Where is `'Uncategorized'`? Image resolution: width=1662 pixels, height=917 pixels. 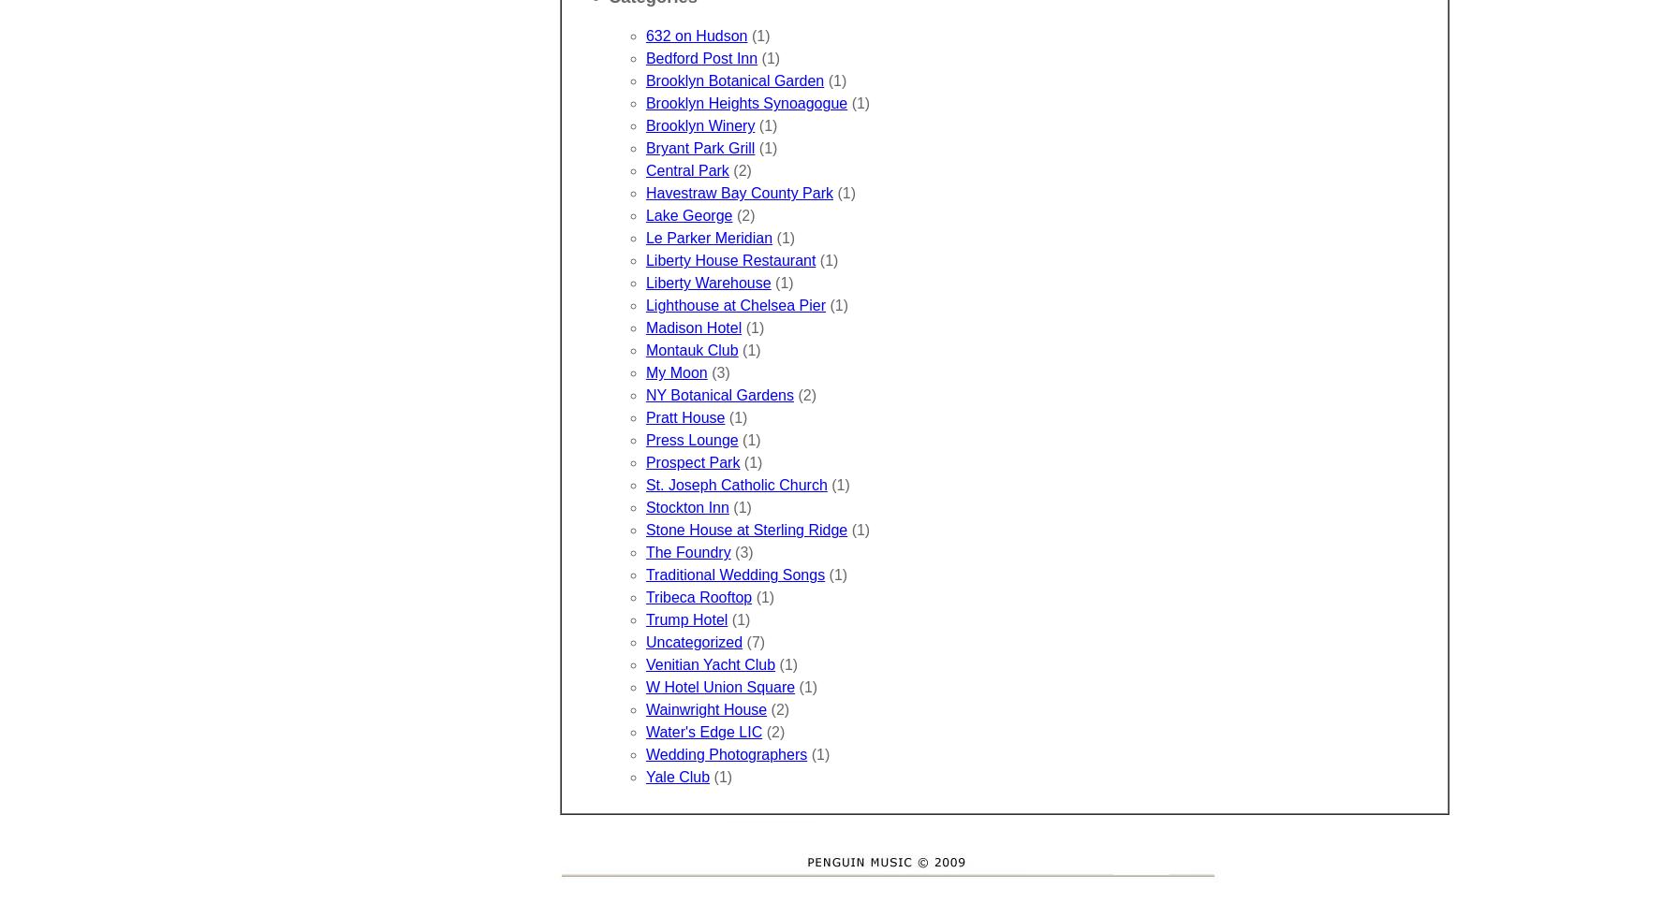 'Uncategorized' is located at coordinates (694, 642).